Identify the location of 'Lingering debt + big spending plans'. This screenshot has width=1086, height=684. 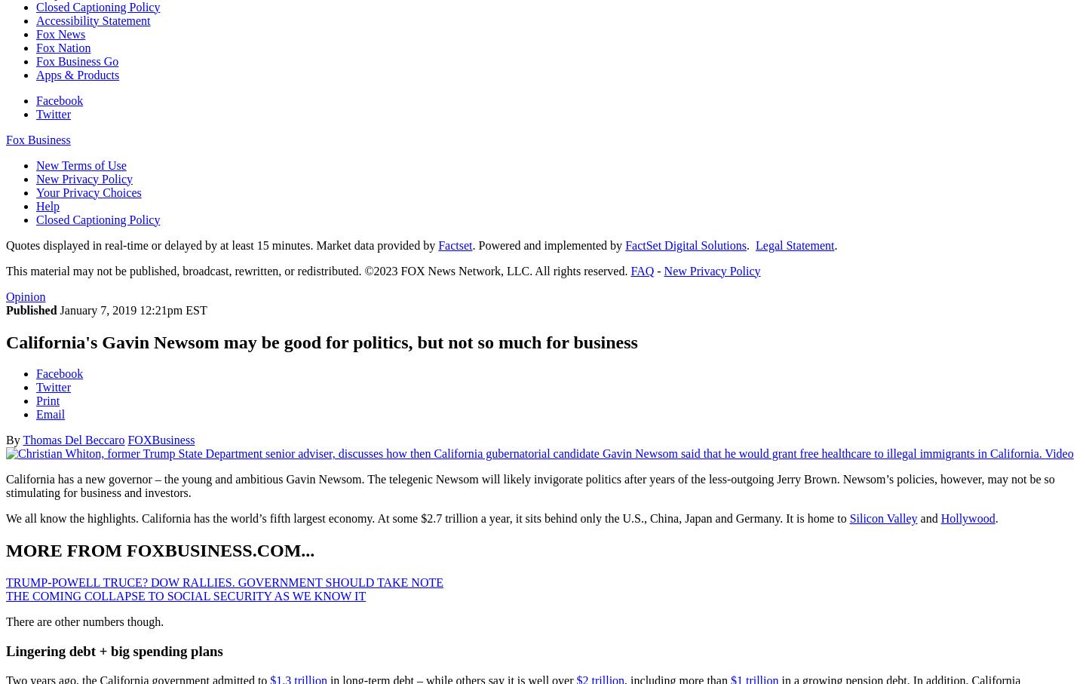
(113, 649).